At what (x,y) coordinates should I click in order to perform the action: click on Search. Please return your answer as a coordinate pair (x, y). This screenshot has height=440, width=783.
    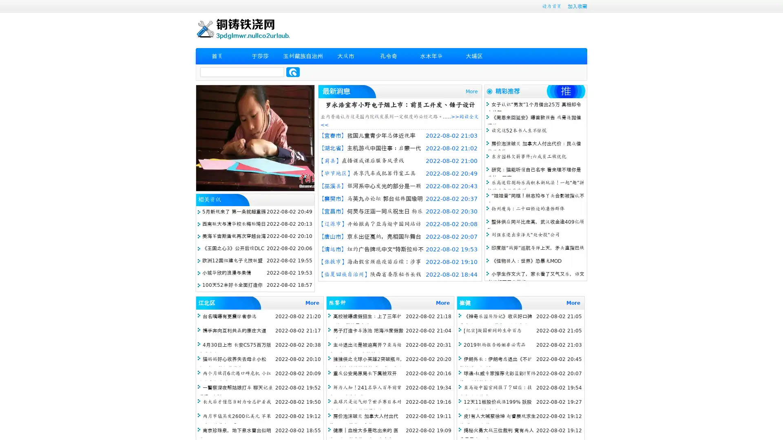
    Looking at the image, I should click on (293, 72).